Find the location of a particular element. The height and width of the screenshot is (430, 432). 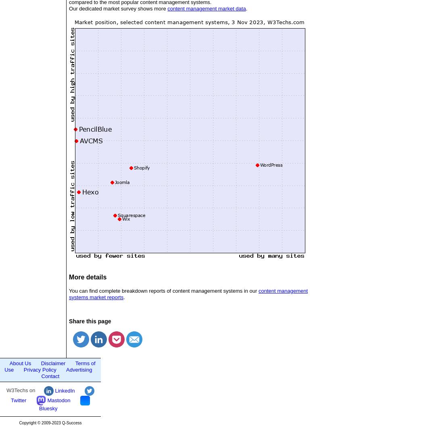

'content management systems market reports' is located at coordinates (69, 294).